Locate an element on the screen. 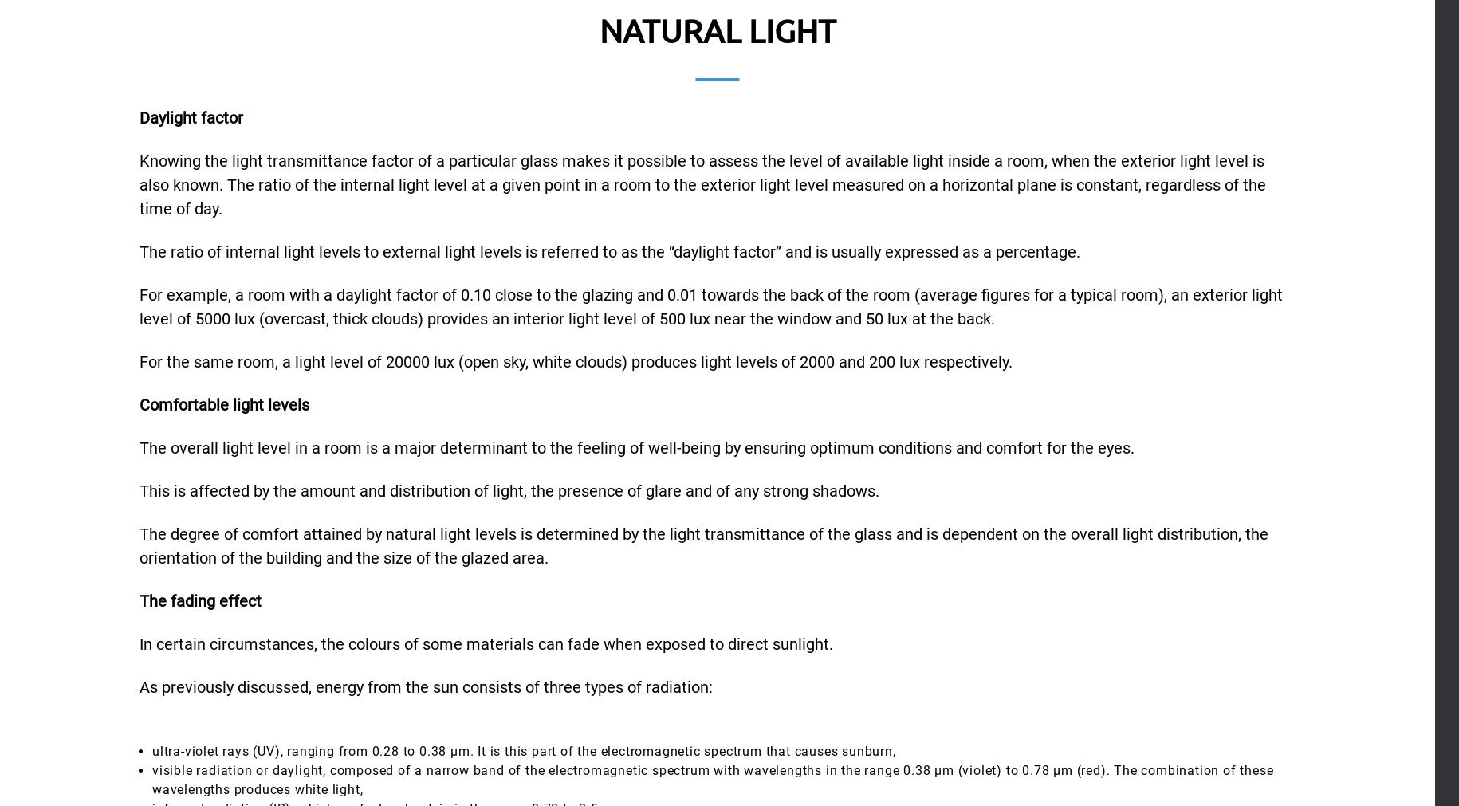 This screenshot has width=1459, height=806. 'This is affected by the amount and distribution of light, the presence of glare and of any strong shadows.' is located at coordinates (139, 489).